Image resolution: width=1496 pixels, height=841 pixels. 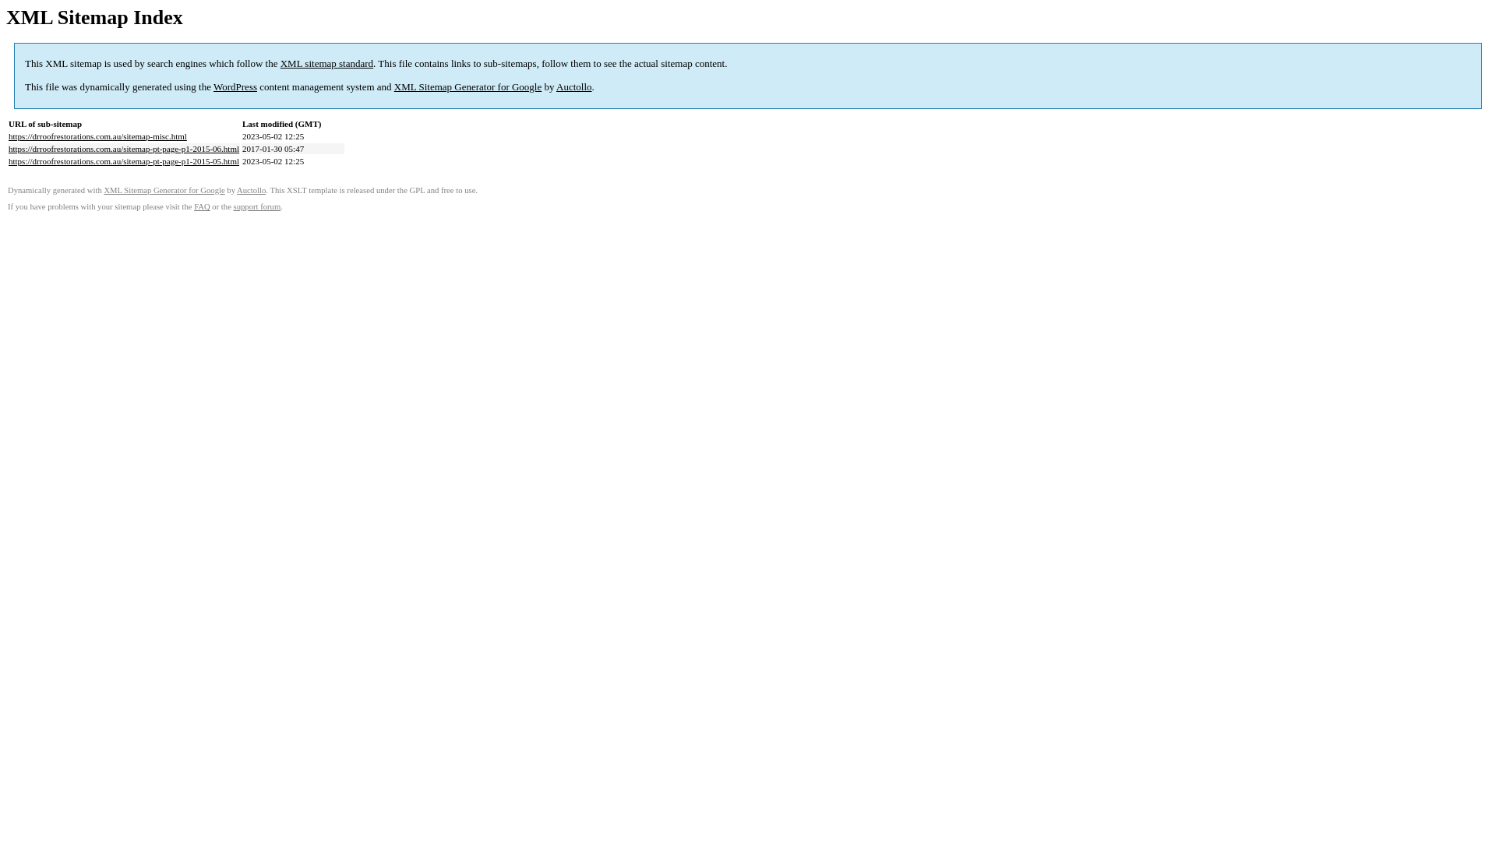 I want to click on 'XML sitemap standard', so click(x=326, y=62).